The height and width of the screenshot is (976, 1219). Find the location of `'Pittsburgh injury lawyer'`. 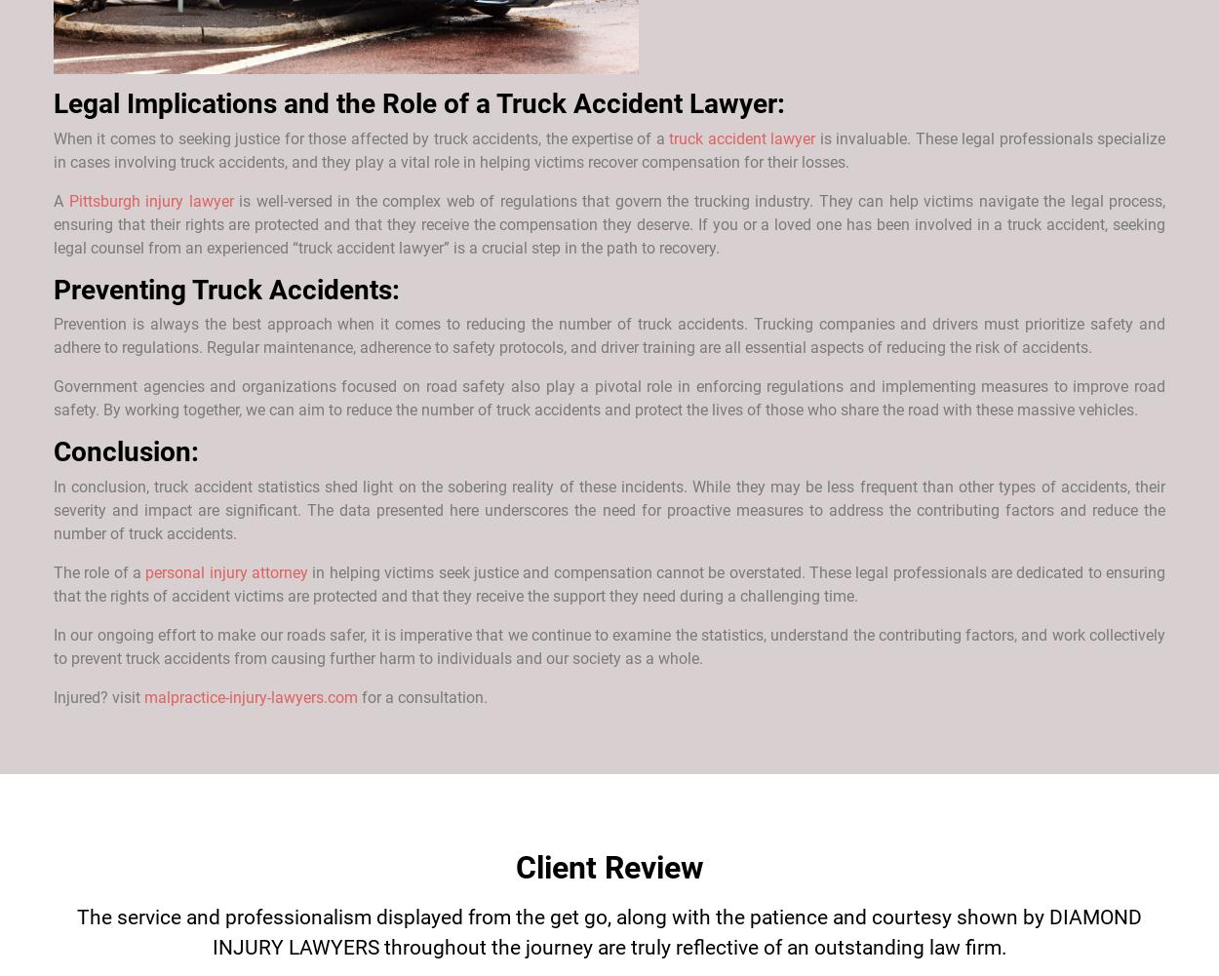

'Pittsburgh injury lawyer' is located at coordinates (150, 200).